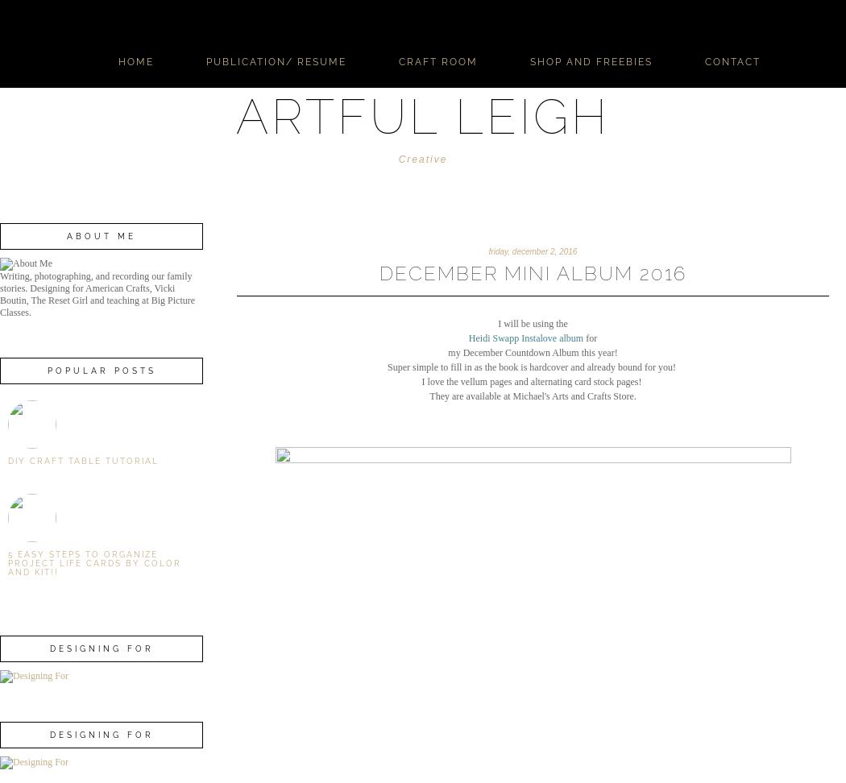 Image resolution: width=846 pixels, height=783 pixels. What do you see at coordinates (525, 338) in the screenshot?
I see `'Heidi Swapp Instalove album'` at bounding box center [525, 338].